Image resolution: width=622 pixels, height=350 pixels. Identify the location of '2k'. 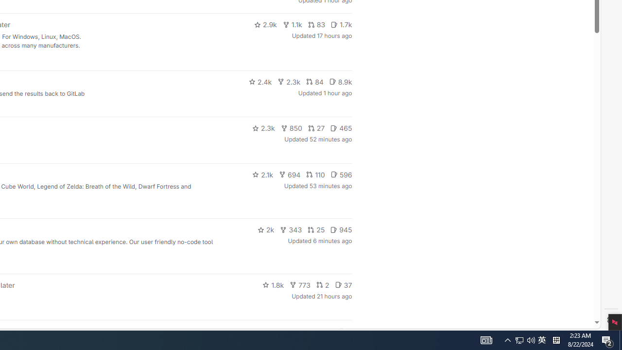
(265, 230).